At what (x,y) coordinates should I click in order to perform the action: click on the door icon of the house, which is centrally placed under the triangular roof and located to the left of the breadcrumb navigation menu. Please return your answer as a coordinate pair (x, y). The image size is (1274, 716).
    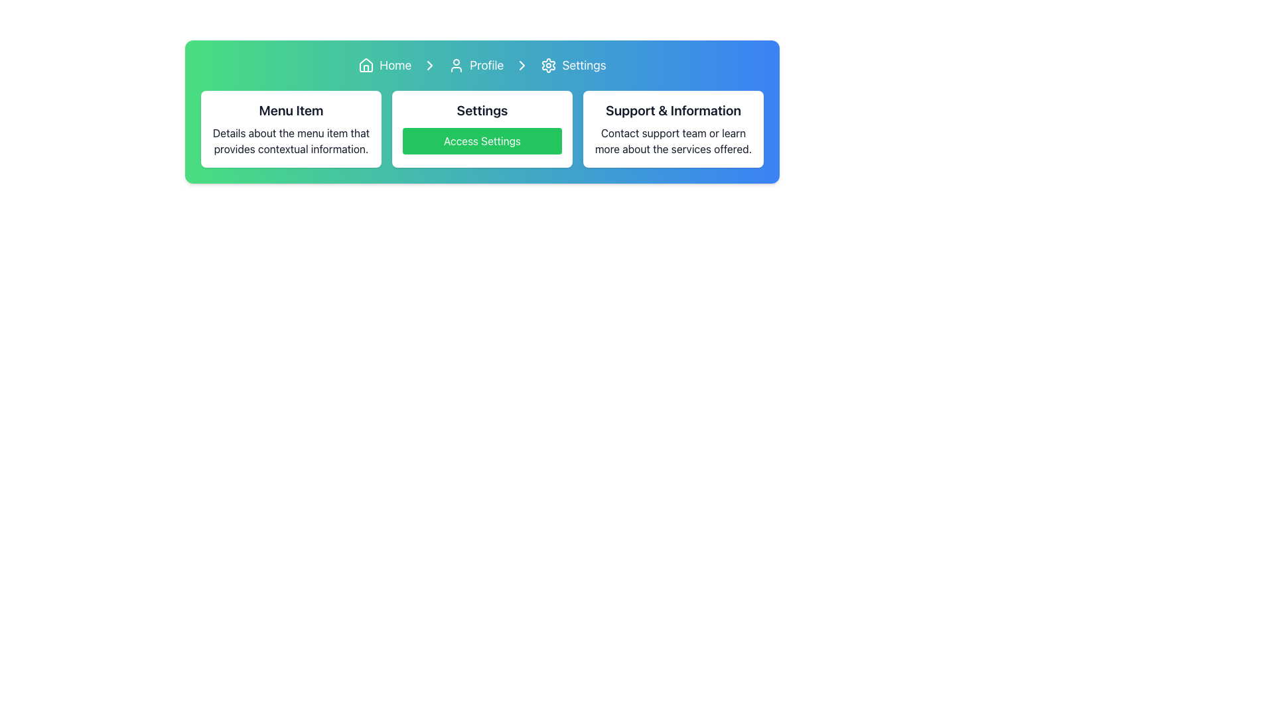
    Looking at the image, I should click on (366, 68).